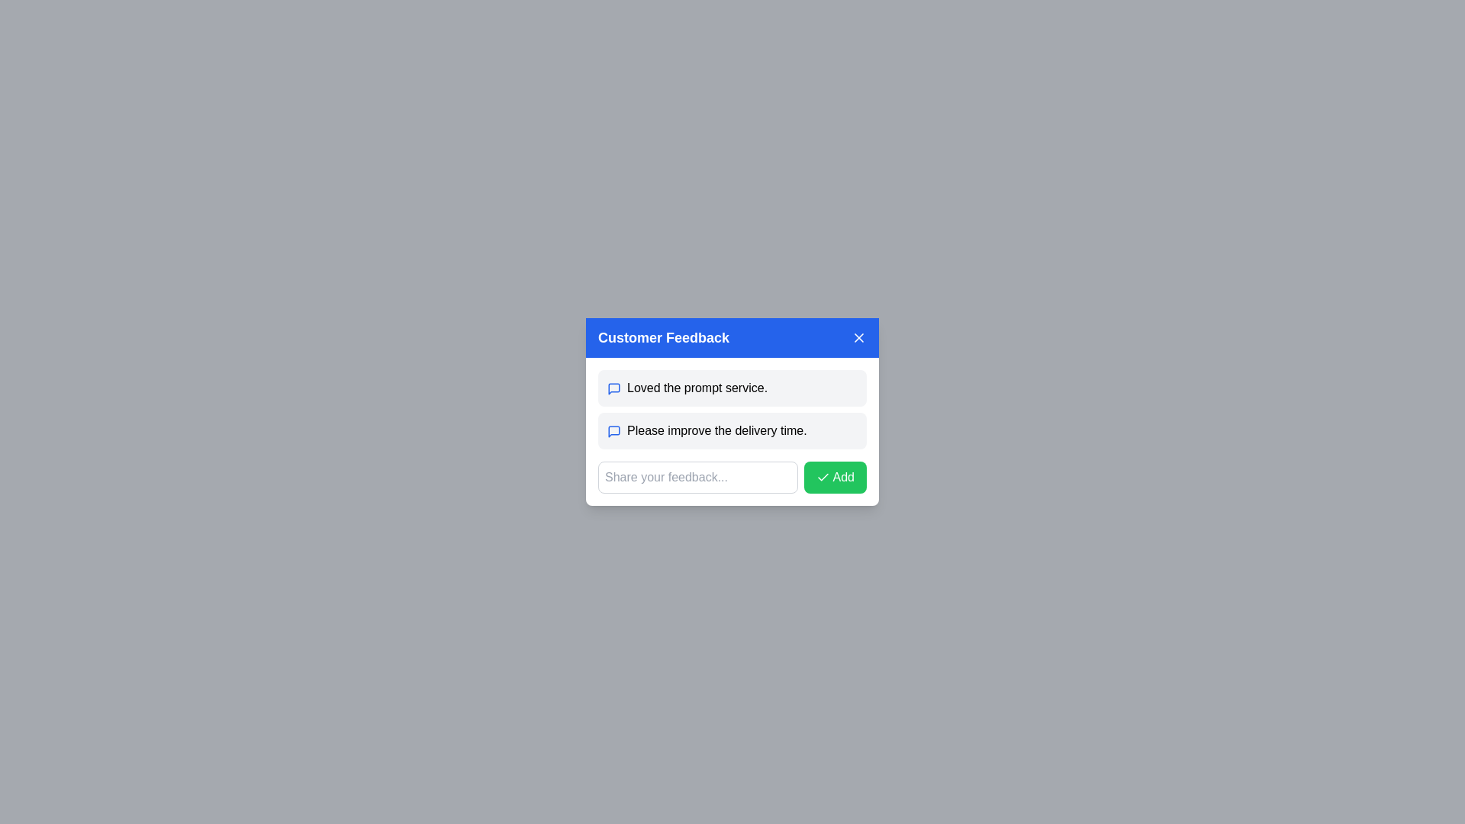 Image resolution: width=1465 pixels, height=824 pixels. I want to click on the close button styled as an 'X' icon located at the top-right corner of the 'Customer Feedback' blue header section for accessibility via keyboard, so click(859, 337).